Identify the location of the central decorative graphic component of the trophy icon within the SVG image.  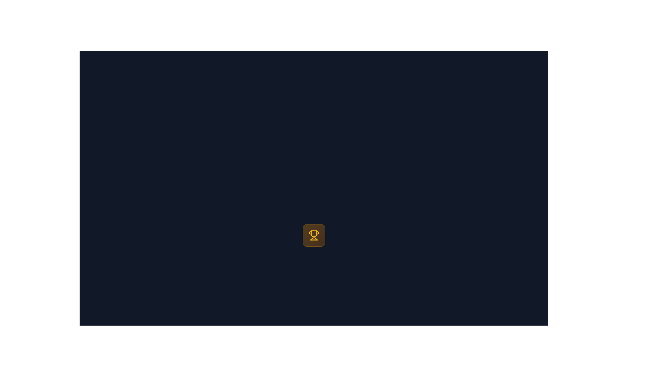
(313, 233).